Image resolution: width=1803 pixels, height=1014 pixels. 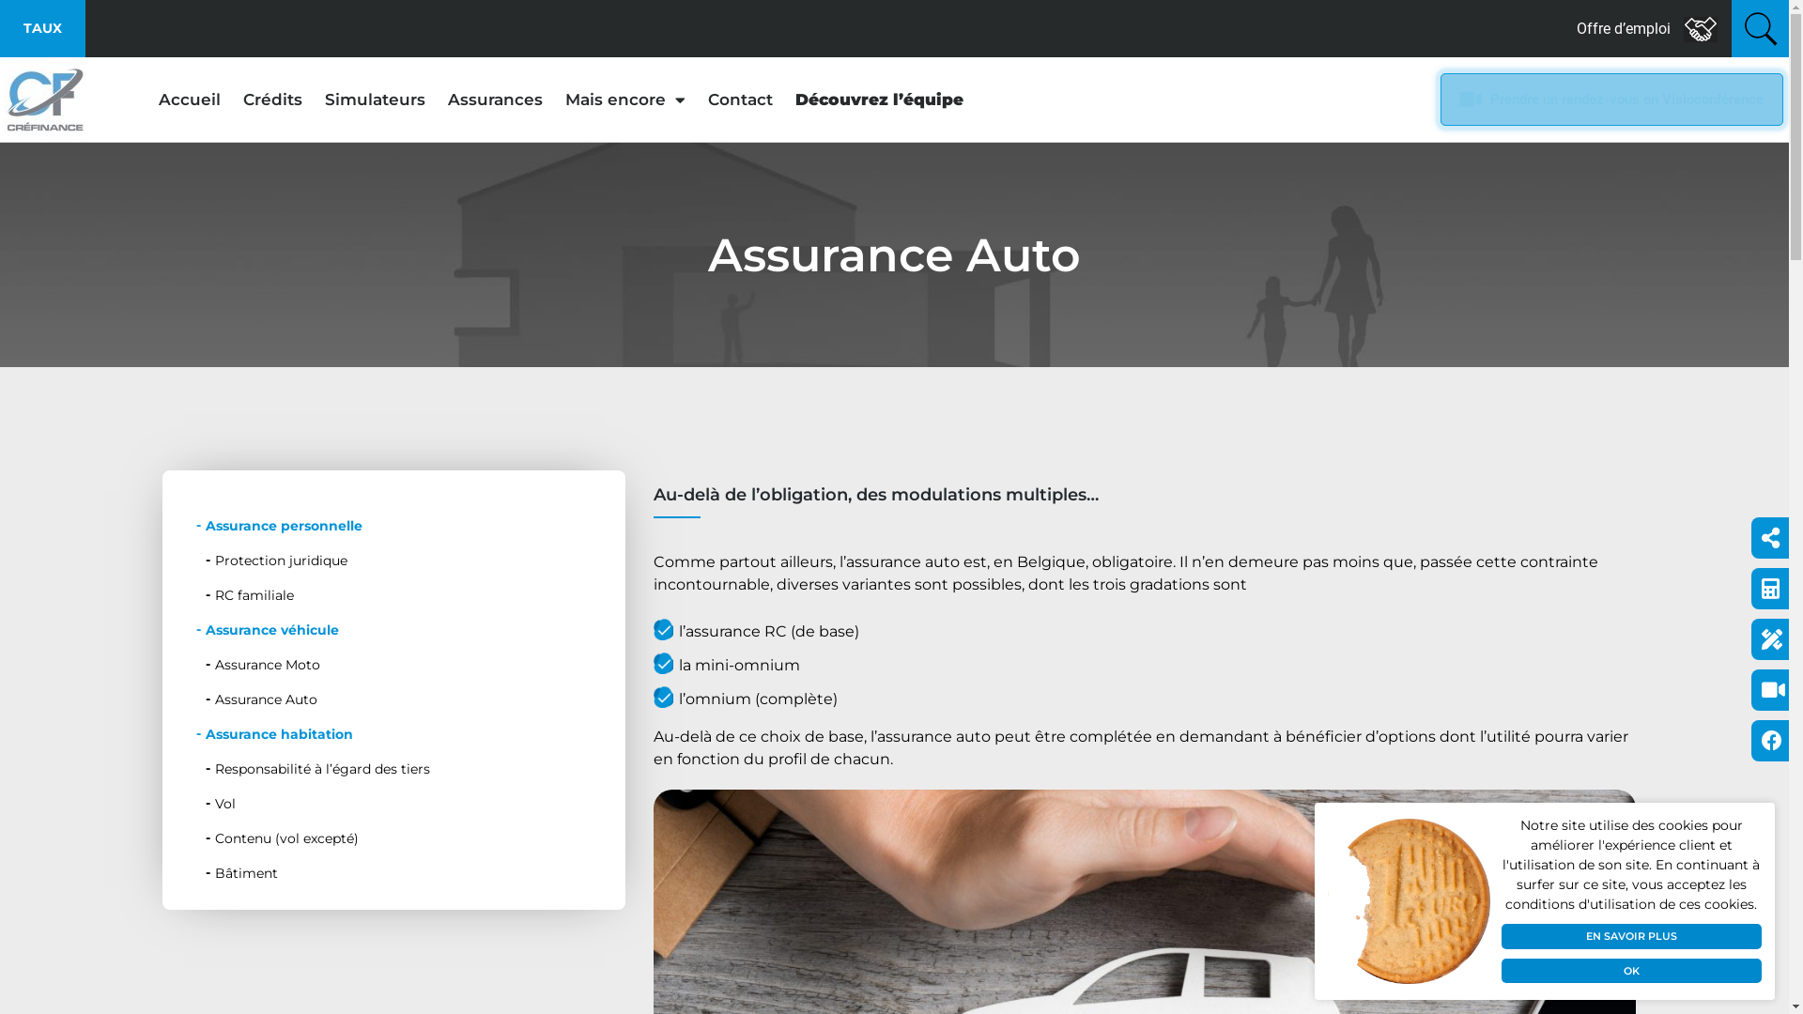 What do you see at coordinates (189, 664) in the screenshot?
I see `'Assurance Moto'` at bounding box center [189, 664].